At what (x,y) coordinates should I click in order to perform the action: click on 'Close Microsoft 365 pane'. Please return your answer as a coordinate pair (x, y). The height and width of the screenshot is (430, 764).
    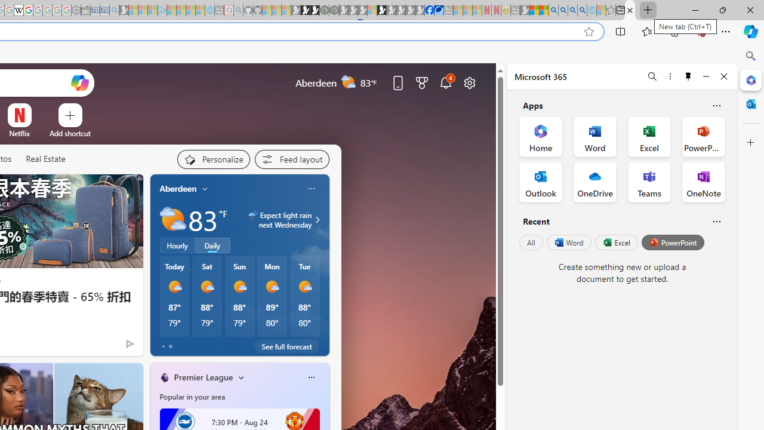
    Looking at the image, I should click on (750, 79).